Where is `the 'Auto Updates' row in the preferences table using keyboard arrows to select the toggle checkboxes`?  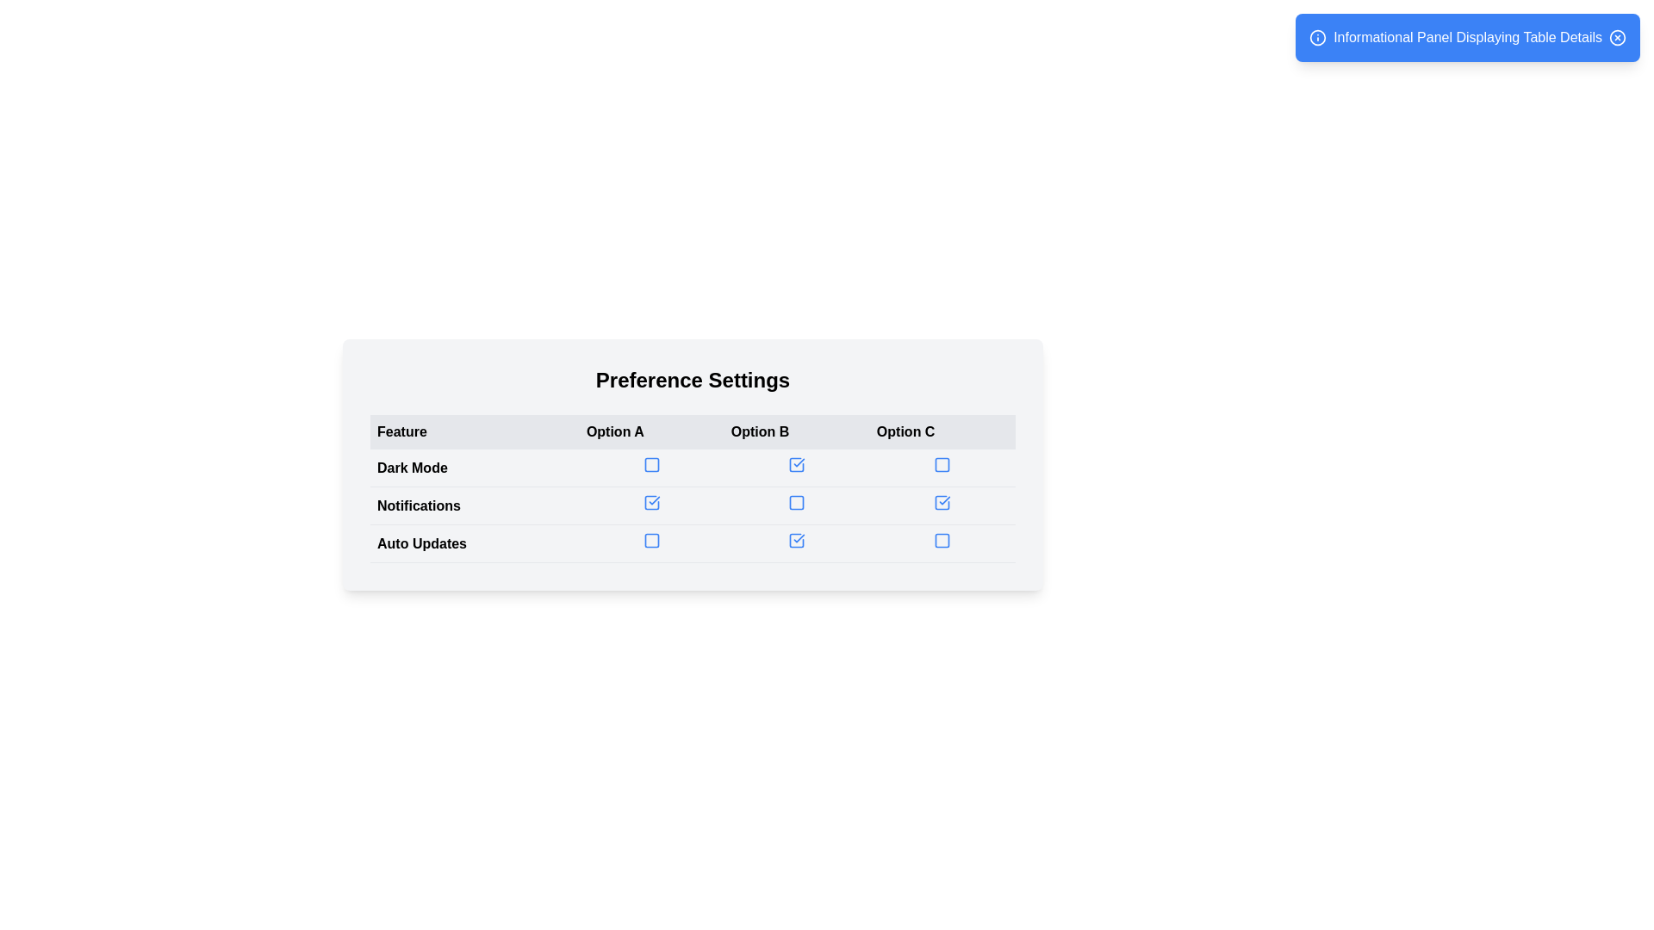
the 'Auto Updates' row in the preferences table using keyboard arrows to select the toggle checkboxes is located at coordinates (693, 543).